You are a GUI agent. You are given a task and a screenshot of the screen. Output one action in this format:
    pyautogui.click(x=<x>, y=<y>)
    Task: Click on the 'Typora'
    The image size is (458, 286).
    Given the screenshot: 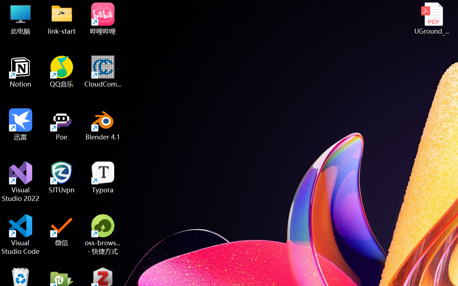 What is the action you would take?
    pyautogui.click(x=103, y=177)
    